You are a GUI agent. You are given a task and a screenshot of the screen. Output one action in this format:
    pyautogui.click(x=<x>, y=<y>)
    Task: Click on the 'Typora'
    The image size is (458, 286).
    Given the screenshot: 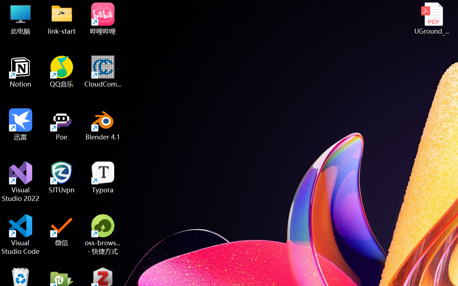 What is the action you would take?
    pyautogui.click(x=103, y=177)
    